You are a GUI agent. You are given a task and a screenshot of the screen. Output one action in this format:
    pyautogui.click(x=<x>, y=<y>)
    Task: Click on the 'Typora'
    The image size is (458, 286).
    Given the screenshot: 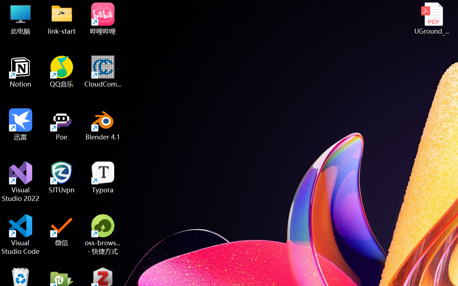 What is the action you would take?
    pyautogui.click(x=103, y=177)
    